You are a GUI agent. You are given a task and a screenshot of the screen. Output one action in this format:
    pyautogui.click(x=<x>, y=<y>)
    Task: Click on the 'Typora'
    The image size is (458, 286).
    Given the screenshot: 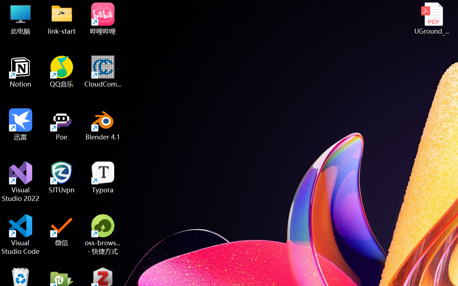 What is the action you would take?
    pyautogui.click(x=103, y=177)
    